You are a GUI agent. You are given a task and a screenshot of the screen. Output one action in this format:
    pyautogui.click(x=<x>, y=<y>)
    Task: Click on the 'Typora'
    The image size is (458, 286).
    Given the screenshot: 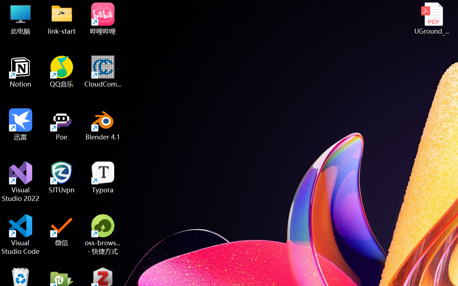 What is the action you would take?
    pyautogui.click(x=103, y=177)
    